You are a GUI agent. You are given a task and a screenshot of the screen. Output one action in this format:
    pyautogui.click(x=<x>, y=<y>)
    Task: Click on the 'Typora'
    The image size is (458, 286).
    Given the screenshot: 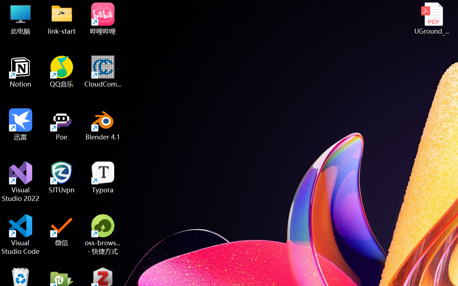 What is the action you would take?
    pyautogui.click(x=103, y=177)
    